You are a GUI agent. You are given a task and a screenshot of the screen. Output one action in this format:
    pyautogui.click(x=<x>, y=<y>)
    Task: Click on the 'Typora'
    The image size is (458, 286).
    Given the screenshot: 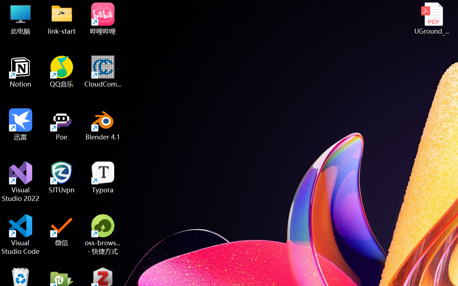 What is the action you would take?
    pyautogui.click(x=103, y=177)
    